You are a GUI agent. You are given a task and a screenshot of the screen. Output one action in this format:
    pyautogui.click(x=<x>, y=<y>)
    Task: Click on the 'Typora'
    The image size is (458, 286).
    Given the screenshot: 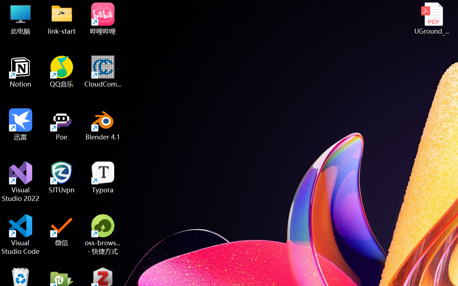 What is the action you would take?
    pyautogui.click(x=103, y=177)
    